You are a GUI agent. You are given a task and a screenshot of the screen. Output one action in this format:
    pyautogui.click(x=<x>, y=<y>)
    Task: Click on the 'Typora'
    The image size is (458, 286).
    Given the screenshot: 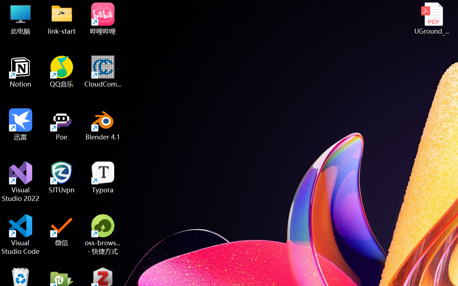 What is the action you would take?
    pyautogui.click(x=103, y=177)
    